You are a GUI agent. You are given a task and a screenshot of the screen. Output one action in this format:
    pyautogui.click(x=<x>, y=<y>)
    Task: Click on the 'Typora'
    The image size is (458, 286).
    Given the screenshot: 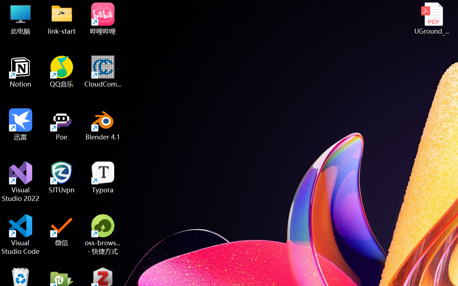 What is the action you would take?
    pyautogui.click(x=103, y=177)
    